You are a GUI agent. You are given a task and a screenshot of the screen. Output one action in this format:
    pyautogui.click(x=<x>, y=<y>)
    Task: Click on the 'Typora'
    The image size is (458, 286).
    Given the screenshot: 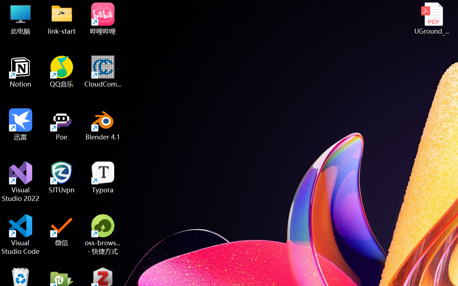 What is the action you would take?
    pyautogui.click(x=103, y=177)
    